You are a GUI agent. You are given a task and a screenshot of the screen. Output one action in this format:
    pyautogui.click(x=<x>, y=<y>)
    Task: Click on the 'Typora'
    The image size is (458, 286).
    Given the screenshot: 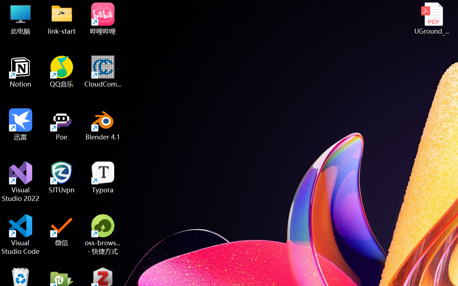 What is the action you would take?
    pyautogui.click(x=103, y=177)
    